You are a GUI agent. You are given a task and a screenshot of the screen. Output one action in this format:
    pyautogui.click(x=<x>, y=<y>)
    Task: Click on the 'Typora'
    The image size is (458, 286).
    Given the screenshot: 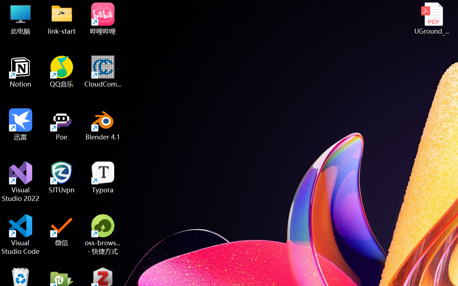 What is the action you would take?
    pyautogui.click(x=103, y=177)
    